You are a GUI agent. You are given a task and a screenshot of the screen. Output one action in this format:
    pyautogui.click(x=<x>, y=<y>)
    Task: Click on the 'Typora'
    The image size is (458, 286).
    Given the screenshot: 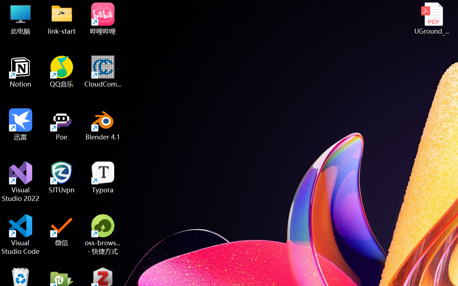 What is the action you would take?
    pyautogui.click(x=103, y=177)
    